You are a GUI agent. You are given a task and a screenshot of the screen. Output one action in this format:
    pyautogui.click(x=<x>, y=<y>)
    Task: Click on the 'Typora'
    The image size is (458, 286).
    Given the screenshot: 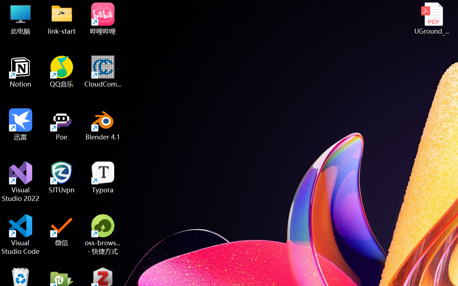 What is the action you would take?
    pyautogui.click(x=103, y=177)
    